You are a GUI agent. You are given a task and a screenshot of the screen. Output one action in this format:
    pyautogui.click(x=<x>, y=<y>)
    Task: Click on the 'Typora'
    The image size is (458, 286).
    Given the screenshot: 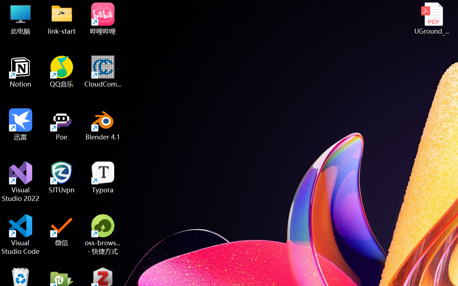 What is the action you would take?
    pyautogui.click(x=103, y=177)
    